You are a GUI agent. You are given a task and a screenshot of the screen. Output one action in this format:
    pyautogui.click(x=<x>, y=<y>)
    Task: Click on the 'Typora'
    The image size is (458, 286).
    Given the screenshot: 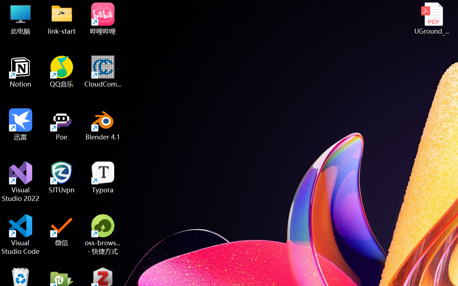 What is the action you would take?
    pyautogui.click(x=103, y=177)
    